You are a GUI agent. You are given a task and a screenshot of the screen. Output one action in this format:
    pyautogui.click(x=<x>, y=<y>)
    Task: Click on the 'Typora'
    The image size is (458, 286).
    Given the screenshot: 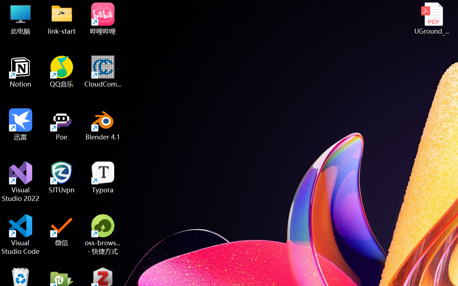 What is the action you would take?
    pyautogui.click(x=103, y=177)
    